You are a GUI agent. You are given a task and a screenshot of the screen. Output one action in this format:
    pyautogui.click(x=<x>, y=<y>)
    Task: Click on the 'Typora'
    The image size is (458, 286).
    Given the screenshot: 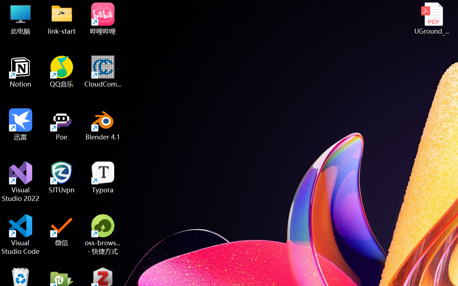 What is the action you would take?
    pyautogui.click(x=103, y=177)
    